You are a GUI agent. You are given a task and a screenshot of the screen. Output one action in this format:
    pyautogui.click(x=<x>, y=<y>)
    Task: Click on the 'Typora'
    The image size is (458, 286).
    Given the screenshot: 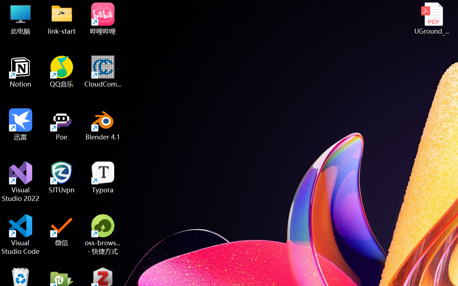 What is the action you would take?
    pyautogui.click(x=103, y=177)
    